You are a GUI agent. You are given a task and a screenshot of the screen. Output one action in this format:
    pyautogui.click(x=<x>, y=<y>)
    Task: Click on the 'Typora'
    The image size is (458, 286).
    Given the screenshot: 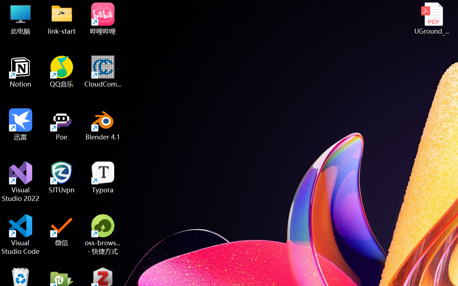 What is the action you would take?
    pyautogui.click(x=103, y=177)
    